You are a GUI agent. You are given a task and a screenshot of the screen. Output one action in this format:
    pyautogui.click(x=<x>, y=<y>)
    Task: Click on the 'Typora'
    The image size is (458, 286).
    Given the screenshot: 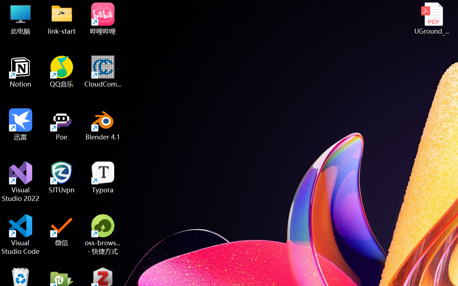 What is the action you would take?
    pyautogui.click(x=103, y=177)
    